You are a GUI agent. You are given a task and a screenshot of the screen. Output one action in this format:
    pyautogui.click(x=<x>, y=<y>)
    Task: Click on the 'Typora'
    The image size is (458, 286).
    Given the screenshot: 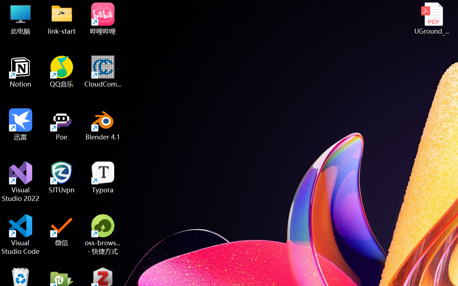 What is the action you would take?
    pyautogui.click(x=103, y=177)
    